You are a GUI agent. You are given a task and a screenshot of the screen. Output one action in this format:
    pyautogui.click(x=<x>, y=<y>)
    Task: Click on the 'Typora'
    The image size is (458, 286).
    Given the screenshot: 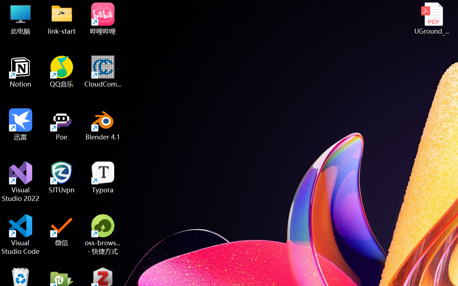 What is the action you would take?
    pyautogui.click(x=103, y=177)
    